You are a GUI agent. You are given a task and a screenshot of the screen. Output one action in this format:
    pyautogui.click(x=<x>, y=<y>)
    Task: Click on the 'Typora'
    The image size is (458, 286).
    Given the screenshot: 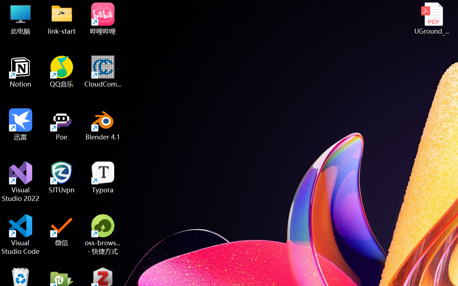 What is the action you would take?
    pyautogui.click(x=103, y=177)
    